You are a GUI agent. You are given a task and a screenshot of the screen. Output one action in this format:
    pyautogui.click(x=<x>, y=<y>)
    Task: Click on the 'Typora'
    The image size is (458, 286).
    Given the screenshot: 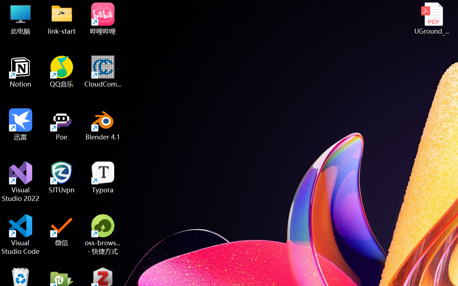 What is the action you would take?
    pyautogui.click(x=103, y=177)
    